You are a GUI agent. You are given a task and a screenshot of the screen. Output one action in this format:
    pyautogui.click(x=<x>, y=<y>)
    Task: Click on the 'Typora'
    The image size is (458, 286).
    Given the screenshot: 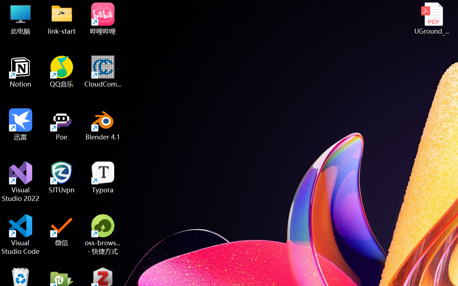 What is the action you would take?
    pyautogui.click(x=103, y=177)
    